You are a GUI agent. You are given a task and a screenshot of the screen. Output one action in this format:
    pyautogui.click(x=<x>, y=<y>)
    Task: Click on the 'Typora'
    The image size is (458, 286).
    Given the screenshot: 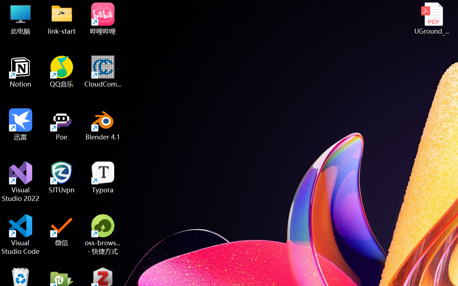 What is the action you would take?
    pyautogui.click(x=103, y=177)
    